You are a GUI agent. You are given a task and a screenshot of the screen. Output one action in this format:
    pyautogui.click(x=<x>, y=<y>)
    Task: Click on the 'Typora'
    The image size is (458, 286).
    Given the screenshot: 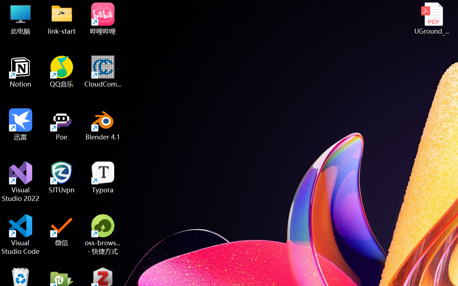 What is the action you would take?
    pyautogui.click(x=103, y=177)
    